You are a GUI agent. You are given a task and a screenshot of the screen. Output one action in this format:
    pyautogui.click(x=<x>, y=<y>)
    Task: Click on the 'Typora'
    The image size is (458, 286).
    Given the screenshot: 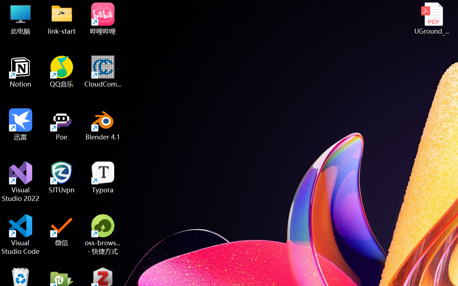 What is the action you would take?
    pyautogui.click(x=103, y=177)
    